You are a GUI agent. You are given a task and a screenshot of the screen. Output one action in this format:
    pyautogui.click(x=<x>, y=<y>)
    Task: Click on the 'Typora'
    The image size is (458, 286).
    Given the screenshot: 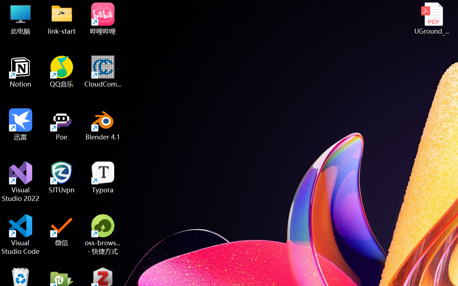 What is the action you would take?
    pyautogui.click(x=103, y=177)
    